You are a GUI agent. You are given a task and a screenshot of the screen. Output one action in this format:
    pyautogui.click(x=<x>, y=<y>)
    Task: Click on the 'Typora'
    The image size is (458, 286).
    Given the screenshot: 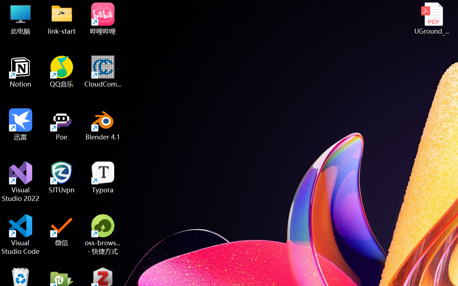 What is the action you would take?
    pyautogui.click(x=103, y=177)
    